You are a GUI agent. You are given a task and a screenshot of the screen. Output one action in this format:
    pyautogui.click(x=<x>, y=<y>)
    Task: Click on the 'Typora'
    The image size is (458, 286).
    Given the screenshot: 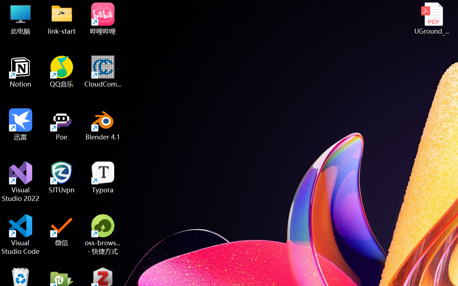 What is the action you would take?
    pyautogui.click(x=103, y=177)
    